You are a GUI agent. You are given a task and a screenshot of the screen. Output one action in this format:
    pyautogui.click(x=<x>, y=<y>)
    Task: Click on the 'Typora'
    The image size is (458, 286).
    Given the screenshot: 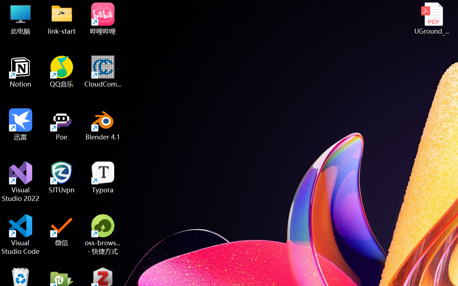 What is the action you would take?
    pyautogui.click(x=103, y=177)
    